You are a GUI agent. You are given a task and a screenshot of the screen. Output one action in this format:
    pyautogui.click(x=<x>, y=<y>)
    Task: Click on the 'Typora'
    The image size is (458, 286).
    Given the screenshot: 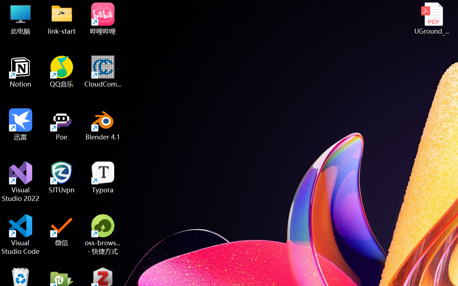 What is the action you would take?
    pyautogui.click(x=103, y=177)
    